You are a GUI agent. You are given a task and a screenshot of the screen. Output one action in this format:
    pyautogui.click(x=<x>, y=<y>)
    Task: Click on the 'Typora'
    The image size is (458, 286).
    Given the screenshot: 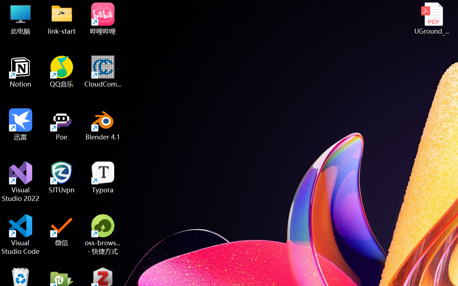 What is the action you would take?
    pyautogui.click(x=103, y=177)
    